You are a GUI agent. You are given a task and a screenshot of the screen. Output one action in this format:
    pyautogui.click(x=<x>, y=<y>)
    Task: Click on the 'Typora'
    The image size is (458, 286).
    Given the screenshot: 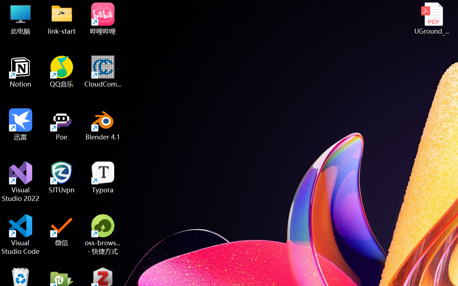 What is the action you would take?
    pyautogui.click(x=103, y=177)
    